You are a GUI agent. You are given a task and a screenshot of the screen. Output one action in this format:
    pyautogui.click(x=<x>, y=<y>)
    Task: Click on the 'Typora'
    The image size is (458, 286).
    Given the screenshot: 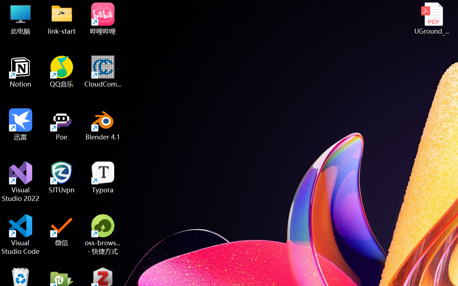 What is the action you would take?
    pyautogui.click(x=103, y=177)
    